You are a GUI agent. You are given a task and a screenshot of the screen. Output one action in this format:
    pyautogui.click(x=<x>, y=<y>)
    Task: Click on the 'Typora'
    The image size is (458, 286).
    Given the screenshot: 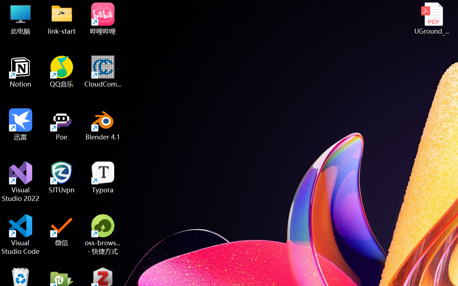 What is the action you would take?
    pyautogui.click(x=103, y=177)
    